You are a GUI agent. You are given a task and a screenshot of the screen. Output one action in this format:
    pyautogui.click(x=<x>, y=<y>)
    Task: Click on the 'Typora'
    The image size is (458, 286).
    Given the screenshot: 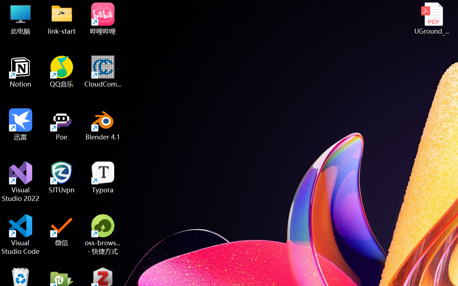 What is the action you would take?
    pyautogui.click(x=103, y=177)
    